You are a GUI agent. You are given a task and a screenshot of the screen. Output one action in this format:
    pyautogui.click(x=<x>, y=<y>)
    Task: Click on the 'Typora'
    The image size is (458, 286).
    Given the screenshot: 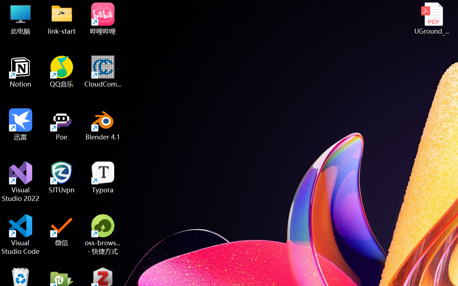 What is the action you would take?
    pyautogui.click(x=103, y=177)
    